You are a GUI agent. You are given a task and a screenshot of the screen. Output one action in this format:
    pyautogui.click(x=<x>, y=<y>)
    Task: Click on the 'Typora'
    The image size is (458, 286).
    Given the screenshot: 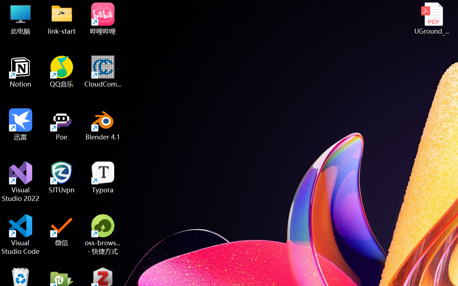 What is the action you would take?
    pyautogui.click(x=103, y=177)
    